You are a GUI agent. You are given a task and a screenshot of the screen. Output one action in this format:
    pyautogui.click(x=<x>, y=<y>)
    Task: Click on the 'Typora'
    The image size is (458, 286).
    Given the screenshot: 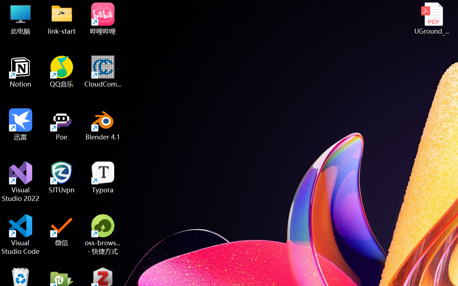 What is the action you would take?
    pyautogui.click(x=103, y=177)
    